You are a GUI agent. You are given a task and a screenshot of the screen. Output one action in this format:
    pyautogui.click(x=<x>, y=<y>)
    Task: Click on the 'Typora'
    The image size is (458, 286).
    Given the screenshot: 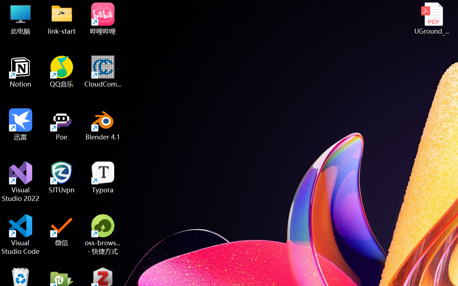 What is the action you would take?
    pyautogui.click(x=103, y=177)
    